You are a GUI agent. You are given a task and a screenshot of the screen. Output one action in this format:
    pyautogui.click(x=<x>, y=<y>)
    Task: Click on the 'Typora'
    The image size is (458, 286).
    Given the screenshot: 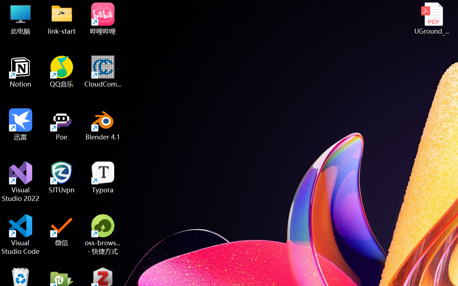 What is the action you would take?
    pyautogui.click(x=103, y=177)
    